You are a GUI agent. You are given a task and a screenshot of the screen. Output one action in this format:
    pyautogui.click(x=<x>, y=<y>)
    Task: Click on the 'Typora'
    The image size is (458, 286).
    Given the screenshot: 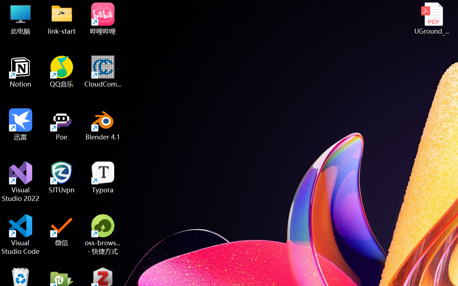 What is the action you would take?
    pyautogui.click(x=103, y=177)
    